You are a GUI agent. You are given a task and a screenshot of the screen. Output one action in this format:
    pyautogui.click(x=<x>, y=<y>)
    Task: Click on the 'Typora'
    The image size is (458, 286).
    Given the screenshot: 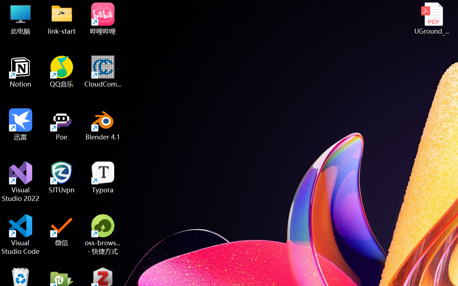 What is the action you would take?
    pyautogui.click(x=103, y=177)
    